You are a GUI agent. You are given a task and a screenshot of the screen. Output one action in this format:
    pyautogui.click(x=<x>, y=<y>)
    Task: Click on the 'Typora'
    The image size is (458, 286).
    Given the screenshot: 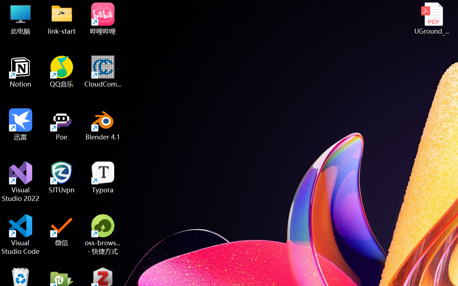 What is the action you would take?
    pyautogui.click(x=103, y=177)
    